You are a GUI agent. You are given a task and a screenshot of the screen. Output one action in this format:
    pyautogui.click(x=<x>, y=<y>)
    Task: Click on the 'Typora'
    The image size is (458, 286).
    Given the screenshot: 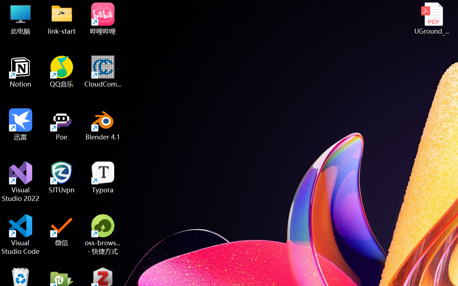 What is the action you would take?
    pyautogui.click(x=103, y=177)
    